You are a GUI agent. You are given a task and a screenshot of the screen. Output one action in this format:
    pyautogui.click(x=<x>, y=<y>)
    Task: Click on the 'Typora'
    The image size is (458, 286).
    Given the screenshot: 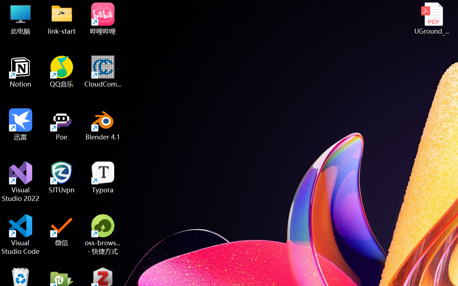 What is the action you would take?
    pyautogui.click(x=103, y=177)
    